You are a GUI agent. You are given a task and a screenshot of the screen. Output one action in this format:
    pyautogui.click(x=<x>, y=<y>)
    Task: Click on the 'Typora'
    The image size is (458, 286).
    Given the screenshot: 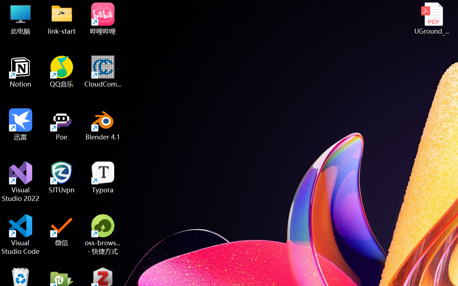 What is the action you would take?
    pyautogui.click(x=103, y=177)
    